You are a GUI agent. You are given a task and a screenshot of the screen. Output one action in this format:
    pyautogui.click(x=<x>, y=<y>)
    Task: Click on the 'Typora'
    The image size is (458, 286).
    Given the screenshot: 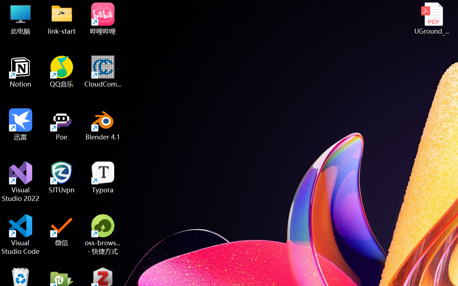 What is the action you would take?
    pyautogui.click(x=103, y=177)
    